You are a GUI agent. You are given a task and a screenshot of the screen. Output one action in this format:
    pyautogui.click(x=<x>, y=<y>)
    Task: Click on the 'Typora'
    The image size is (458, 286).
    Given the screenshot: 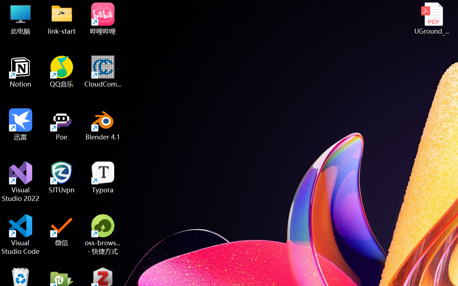 What is the action you would take?
    pyautogui.click(x=103, y=177)
    